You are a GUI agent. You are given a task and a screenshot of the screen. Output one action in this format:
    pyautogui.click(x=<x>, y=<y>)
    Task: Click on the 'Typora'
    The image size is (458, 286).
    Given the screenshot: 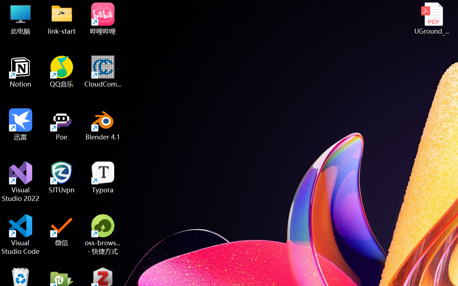 What is the action you would take?
    pyautogui.click(x=103, y=177)
    